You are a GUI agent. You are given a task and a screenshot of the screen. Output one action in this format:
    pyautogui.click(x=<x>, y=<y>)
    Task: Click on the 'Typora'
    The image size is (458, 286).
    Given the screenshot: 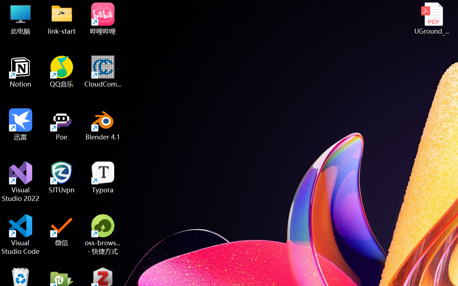 What is the action you would take?
    pyautogui.click(x=103, y=177)
    